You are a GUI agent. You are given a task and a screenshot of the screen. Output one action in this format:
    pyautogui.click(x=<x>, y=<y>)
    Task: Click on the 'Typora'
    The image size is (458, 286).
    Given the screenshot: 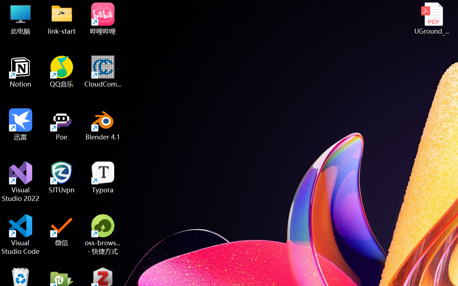 What is the action you would take?
    pyautogui.click(x=103, y=177)
    